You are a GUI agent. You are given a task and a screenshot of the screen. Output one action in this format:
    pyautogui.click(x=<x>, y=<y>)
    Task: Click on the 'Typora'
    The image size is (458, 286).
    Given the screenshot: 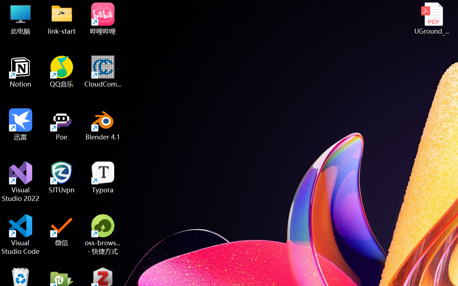 What is the action you would take?
    pyautogui.click(x=103, y=177)
    